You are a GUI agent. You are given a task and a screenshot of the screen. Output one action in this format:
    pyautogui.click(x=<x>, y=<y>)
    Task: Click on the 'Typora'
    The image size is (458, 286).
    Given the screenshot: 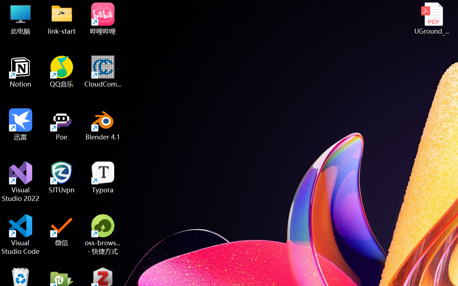 What is the action you would take?
    pyautogui.click(x=103, y=177)
    